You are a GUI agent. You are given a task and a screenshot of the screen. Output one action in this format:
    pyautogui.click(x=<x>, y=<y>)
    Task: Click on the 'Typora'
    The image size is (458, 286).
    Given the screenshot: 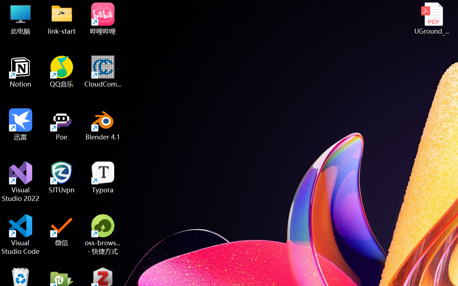 What is the action you would take?
    pyautogui.click(x=103, y=177)
    